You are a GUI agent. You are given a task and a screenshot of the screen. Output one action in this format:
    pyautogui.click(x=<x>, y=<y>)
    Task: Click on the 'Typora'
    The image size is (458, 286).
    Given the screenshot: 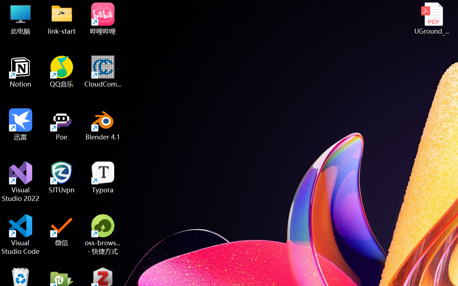 What is the action you would take?
    pyautogui.click(x=103, y=177)
    